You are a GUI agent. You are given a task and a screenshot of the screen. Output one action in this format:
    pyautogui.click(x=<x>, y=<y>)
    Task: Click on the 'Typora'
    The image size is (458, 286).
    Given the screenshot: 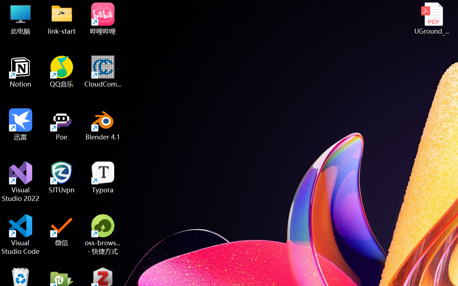 What is the action you would take?
    pyautogui.click(x=103, y=177)
    